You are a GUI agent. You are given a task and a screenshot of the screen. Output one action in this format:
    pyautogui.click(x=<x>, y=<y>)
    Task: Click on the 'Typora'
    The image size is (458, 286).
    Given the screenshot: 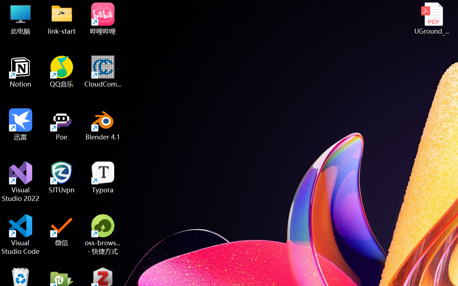 What is the action you would take?
    pyautogui.click(x=103, y=177)
    